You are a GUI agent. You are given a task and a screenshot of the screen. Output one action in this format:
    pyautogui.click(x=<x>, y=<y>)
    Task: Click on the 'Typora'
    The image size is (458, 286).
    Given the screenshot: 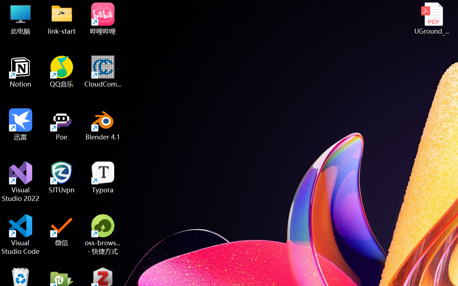 What is the action you would take?
    pyautogui.click(x=103, y=177)
    